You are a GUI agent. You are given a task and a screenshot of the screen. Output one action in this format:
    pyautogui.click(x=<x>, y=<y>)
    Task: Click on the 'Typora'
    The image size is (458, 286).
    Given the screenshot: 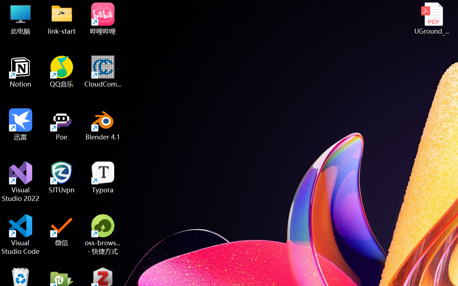 What is the action you would take?
    pyautogui.click(x=103, y=177)
    